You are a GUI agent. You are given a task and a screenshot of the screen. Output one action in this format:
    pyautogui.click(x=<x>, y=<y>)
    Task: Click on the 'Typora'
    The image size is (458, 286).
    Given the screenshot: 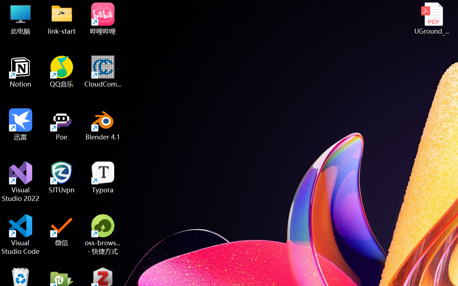 What is the action you would take?
    pyautogui.click(x=103, y=177)
    